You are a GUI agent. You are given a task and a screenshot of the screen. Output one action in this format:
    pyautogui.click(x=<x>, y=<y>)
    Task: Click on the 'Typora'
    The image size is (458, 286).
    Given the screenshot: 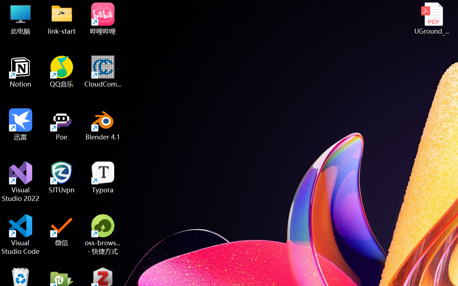 What is the action you would take?
    pyautogui.click(x=103, y=177)
    